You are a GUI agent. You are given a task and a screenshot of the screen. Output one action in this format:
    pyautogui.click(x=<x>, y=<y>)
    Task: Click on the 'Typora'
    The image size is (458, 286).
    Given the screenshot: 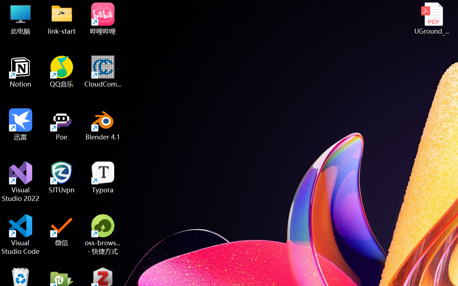 What is the action you would take?
    pyautogui.click(x=103, y=177)
    